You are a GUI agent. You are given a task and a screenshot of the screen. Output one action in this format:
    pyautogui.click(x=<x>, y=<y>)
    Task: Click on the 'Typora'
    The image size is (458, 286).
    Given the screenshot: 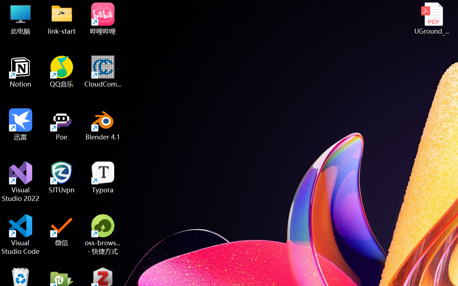 What is the action you would take?
    pyautogui.click(x=103, y=177)
    